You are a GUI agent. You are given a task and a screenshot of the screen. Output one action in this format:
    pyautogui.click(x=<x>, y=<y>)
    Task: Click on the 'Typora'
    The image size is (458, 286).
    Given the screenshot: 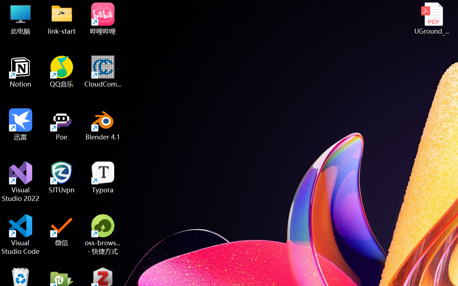 What is the action you would take?
    pyautogui.click(x=103, y=177)
    